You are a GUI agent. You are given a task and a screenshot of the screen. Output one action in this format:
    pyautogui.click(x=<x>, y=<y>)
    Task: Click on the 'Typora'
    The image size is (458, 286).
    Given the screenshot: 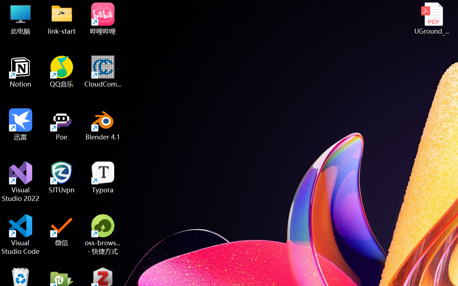 What is the action you would take?
    pyautogui.click(x=103, y=177)
    